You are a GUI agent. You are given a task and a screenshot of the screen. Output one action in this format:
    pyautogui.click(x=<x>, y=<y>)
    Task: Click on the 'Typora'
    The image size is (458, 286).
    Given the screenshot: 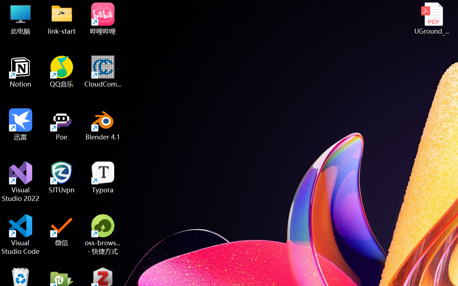 What is the action you would take?
    pyautogui.click(x=103, y=177)
    